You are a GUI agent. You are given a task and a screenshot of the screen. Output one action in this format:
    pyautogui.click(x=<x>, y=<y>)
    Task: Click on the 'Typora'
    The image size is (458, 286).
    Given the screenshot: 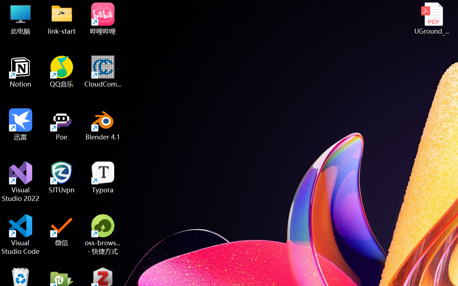 What is the action you would take?
    pyautogui.click(x=103, y=177)
    